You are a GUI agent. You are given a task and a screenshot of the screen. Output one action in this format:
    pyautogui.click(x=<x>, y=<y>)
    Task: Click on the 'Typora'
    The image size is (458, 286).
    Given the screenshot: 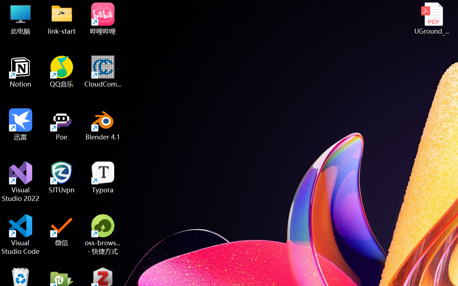 What is the action you would take?
    pyautogui.click(x=103, y=177)
    